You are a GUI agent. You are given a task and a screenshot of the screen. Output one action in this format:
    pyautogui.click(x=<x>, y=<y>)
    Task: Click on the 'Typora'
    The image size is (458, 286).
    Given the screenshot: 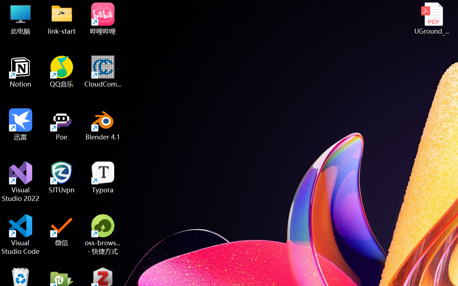 What is the action you would take?
    pyautogui.click(x=103, y=177)
    